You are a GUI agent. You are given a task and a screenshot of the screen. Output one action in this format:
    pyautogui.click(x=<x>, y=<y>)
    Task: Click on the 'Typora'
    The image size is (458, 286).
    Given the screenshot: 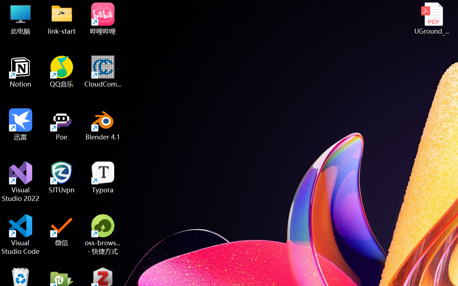 What is the action you would take?
    pyautogui.click(x=103, y=177)
    